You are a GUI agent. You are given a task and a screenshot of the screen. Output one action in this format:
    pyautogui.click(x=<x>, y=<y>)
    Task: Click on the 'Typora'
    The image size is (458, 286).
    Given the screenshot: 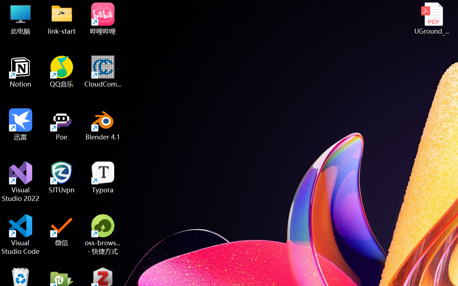 What is the action you would take?
    pyautogui.click(x=103, y=177)
    